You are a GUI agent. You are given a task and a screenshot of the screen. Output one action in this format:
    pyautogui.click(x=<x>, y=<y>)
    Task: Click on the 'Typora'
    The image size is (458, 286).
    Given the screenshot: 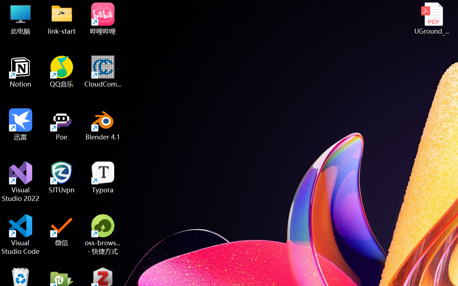 What is the action you would take?
    pyautogui.click(x=103, y=177)
    